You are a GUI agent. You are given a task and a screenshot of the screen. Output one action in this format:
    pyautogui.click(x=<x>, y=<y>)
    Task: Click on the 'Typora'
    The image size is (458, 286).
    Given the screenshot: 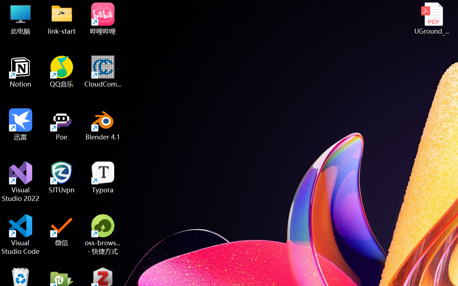 What is the action you would take?
    pyautogui.click(x=103, y=177)
    